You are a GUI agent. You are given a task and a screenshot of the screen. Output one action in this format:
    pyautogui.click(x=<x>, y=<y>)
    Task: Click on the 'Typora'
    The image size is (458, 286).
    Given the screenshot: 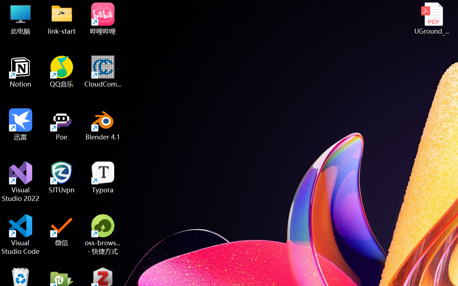 What is the action you would take?
    pyautogui.click(x=103, y=177)
    